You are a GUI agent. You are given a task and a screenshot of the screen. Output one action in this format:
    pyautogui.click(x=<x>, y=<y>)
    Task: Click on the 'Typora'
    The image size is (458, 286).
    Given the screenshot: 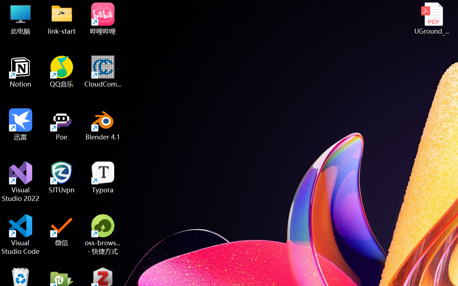 What is the action you would take?
    pyautogui.click(x=103, y=177)
    